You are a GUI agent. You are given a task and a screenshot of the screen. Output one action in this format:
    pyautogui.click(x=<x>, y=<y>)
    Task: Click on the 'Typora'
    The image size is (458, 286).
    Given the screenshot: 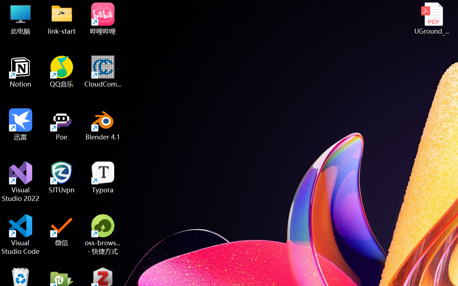 What is the action you would take?
    pyautogui.click(x=103, y=177)
    